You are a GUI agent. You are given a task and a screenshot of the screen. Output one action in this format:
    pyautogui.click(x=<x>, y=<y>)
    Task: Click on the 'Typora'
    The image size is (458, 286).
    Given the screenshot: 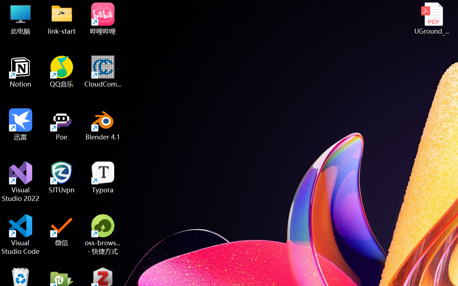 What is the action you would take?
    pyautogui.click(x=103, y=177)
    